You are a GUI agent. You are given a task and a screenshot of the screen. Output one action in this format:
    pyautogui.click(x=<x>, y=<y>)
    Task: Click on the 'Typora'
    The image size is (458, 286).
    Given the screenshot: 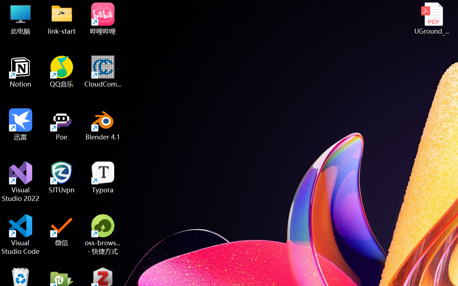 What is the action you would take?
    pyautogui.click(x=103, y=177)
    